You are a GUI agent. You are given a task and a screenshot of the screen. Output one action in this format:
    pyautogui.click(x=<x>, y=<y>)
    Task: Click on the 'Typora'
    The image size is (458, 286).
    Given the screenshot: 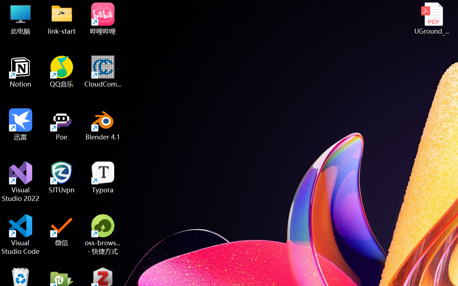 What is the action you would take?
    pyautogui.click(x=103, y=177)
    